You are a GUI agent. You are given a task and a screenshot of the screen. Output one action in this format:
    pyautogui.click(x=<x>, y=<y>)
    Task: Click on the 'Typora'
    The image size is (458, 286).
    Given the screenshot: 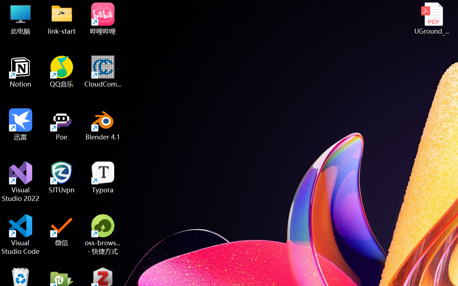 What is the action you would take?
    pyautogui.click(x=103, y=177)
    